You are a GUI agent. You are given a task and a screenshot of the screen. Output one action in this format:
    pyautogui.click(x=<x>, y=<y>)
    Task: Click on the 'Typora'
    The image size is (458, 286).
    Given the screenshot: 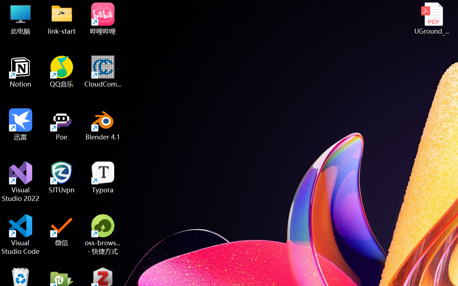 What is the action you would take?
    pyautogui.click(x=103, y=177)
    